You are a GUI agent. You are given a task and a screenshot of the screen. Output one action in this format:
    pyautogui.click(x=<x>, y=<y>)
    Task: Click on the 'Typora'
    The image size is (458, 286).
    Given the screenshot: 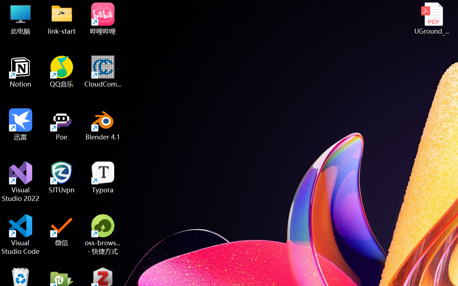 What is the action you would take?
    pyautogui.click(x=103, y=177)
    